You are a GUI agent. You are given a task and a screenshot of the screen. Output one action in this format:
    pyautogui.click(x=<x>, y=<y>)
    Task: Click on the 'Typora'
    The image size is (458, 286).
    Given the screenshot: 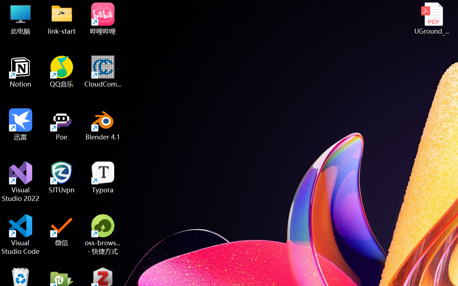 What is the action you would take?
    pyautogui.click(x=103, y=177)
    